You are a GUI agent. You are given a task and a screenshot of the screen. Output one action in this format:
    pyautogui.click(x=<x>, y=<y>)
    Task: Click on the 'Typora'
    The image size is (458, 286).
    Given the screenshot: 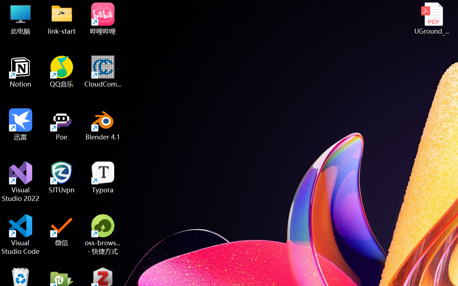 What is the action you would take?
    pyautogui.click(x=103, y=177)
    